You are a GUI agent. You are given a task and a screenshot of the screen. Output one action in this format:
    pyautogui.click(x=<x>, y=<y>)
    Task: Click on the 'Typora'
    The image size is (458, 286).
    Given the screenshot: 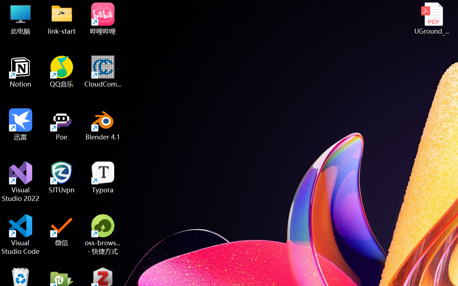 What is the action you would take?
    pyautogui.click(x=103, y=177)
    